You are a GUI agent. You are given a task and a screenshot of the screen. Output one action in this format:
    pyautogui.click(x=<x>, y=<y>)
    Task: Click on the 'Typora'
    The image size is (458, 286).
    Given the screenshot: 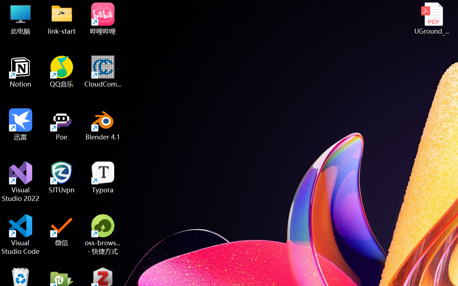 What is the action you would take?
    pyautogui.click(x=103, y=177)
    